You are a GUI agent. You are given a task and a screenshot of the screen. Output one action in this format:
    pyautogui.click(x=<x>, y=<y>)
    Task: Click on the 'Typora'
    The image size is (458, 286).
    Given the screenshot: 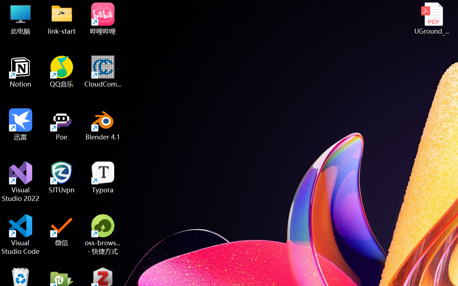 What is the action you would take?
    pyautogui.click(x=103, y=177)
    